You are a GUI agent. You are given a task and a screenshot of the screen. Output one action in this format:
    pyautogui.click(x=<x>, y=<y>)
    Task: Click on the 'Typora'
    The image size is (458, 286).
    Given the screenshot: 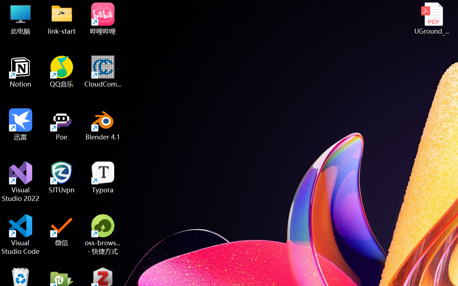 What is the action you would take?
    pyautogui.click(x=103, y=177)
    